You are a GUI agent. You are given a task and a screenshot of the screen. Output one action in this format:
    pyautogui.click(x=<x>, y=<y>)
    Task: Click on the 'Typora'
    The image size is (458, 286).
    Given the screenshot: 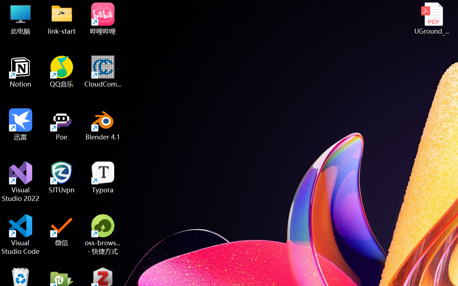 What is the action you would take?
    pyautogui.click(x=103, y=177)
    